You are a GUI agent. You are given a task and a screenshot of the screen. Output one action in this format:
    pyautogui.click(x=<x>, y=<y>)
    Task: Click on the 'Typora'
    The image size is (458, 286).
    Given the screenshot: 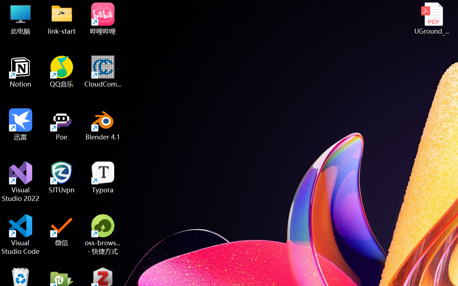 What is the action you would take?
    pyautogui.click(x=103, y=177)
    